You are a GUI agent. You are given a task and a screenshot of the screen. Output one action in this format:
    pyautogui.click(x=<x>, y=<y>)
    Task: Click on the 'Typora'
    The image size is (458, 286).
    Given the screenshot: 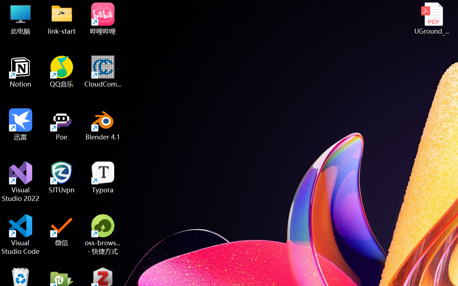 What is the action you would take?
    pyautogui.click(x=103, y=177)
    